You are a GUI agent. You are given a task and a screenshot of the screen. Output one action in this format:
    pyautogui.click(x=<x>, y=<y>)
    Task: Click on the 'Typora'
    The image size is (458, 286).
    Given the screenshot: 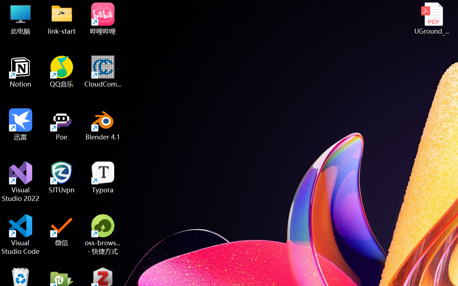 What is the action you would take?
    pyautogui.click(x=103, y=177)
    